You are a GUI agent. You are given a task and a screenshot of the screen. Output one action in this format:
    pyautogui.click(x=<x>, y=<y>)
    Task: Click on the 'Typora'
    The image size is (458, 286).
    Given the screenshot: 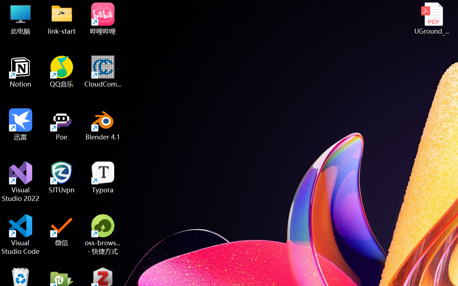 What is the action you would take?
    pyautogui.click(x=103, y=177)
    